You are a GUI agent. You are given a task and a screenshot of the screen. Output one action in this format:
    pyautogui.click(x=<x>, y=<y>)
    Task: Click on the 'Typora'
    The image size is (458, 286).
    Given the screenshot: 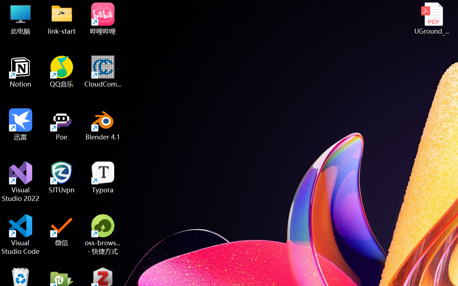 What is the action you would take?
    pyautogui.click(x=103, y=177)
    